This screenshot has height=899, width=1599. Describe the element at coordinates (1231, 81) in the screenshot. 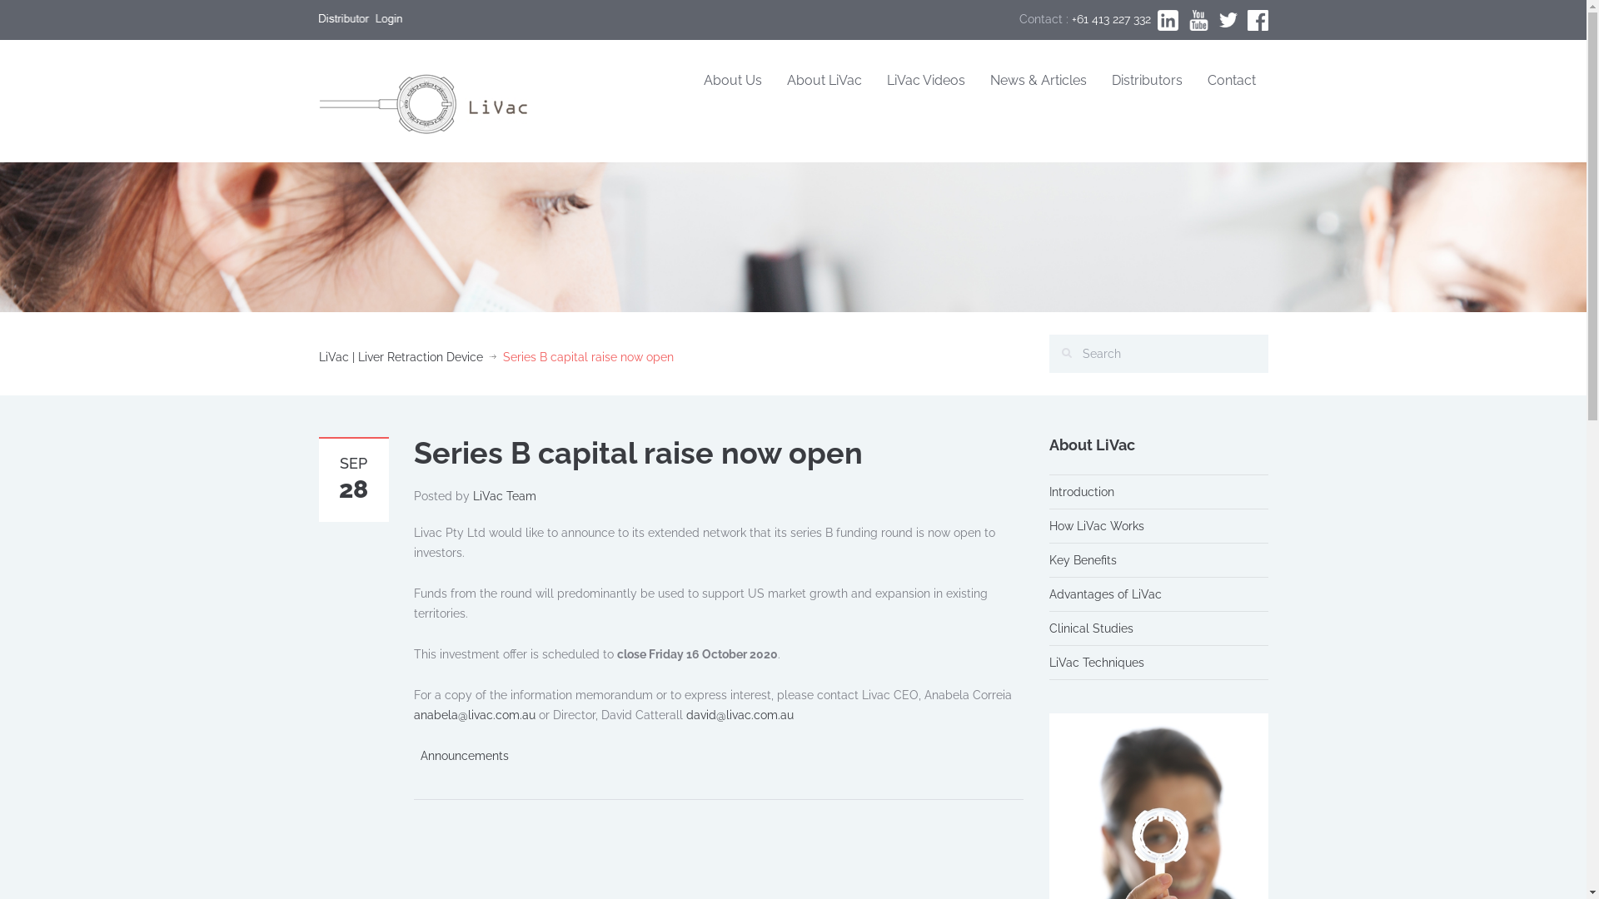

I see `'Contact'` at that location.